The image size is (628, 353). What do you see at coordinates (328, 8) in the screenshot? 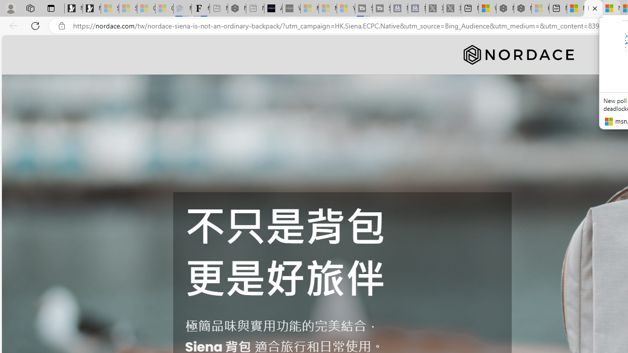
I see `'Microsoft Start - Sleeping'` at bounding box center [328, 8].